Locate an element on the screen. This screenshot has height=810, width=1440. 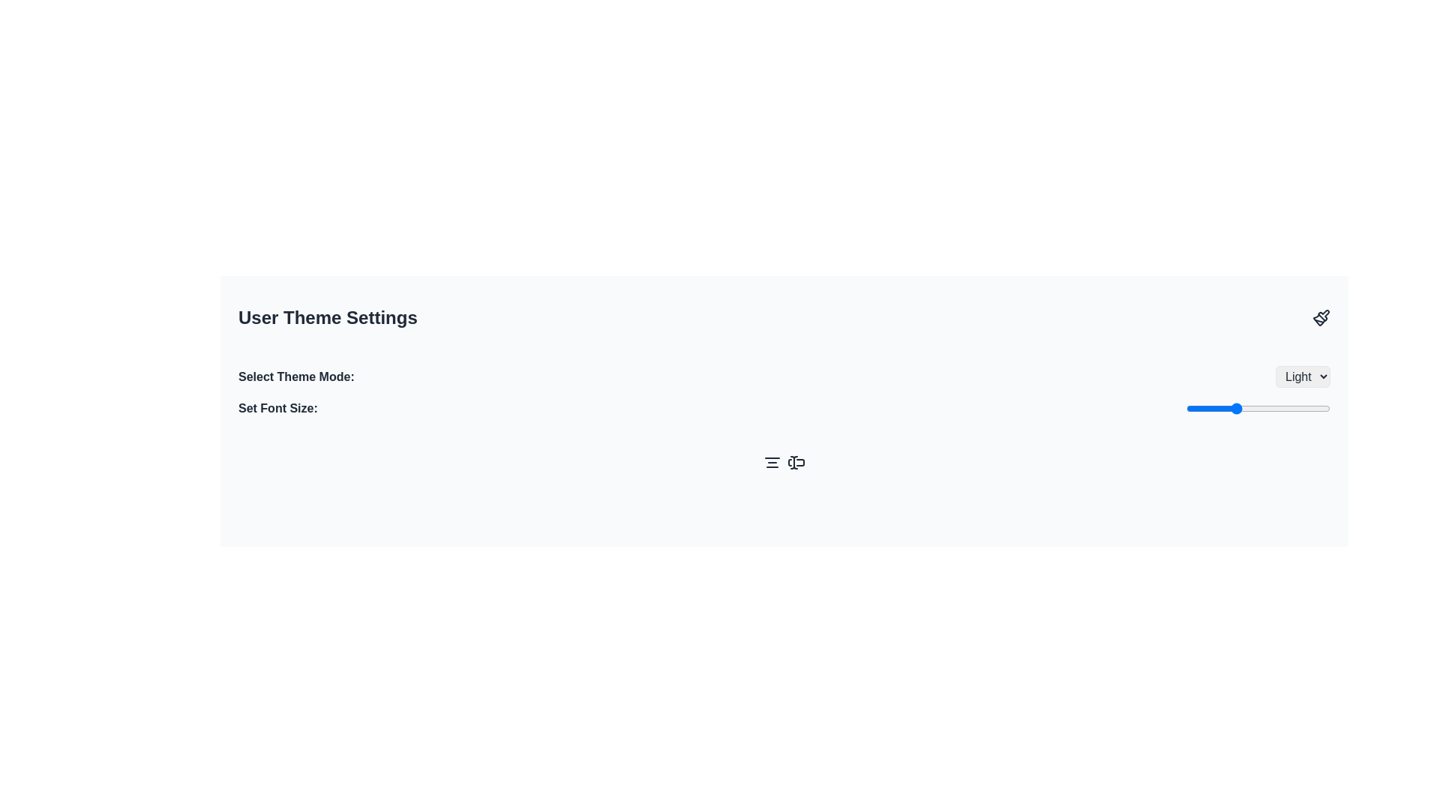
the text label displaying 'Select Theme Mode:' which is located below the main header 'User Theme Settings' and above the theme toggle options is located at coordinates (296, 376).